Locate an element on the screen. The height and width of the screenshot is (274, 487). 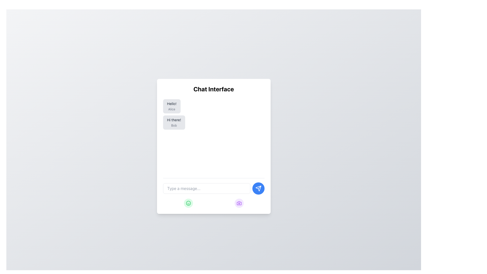
the camera icon located at the bottom-right of the chat interface is located at coordinates (239, 203).